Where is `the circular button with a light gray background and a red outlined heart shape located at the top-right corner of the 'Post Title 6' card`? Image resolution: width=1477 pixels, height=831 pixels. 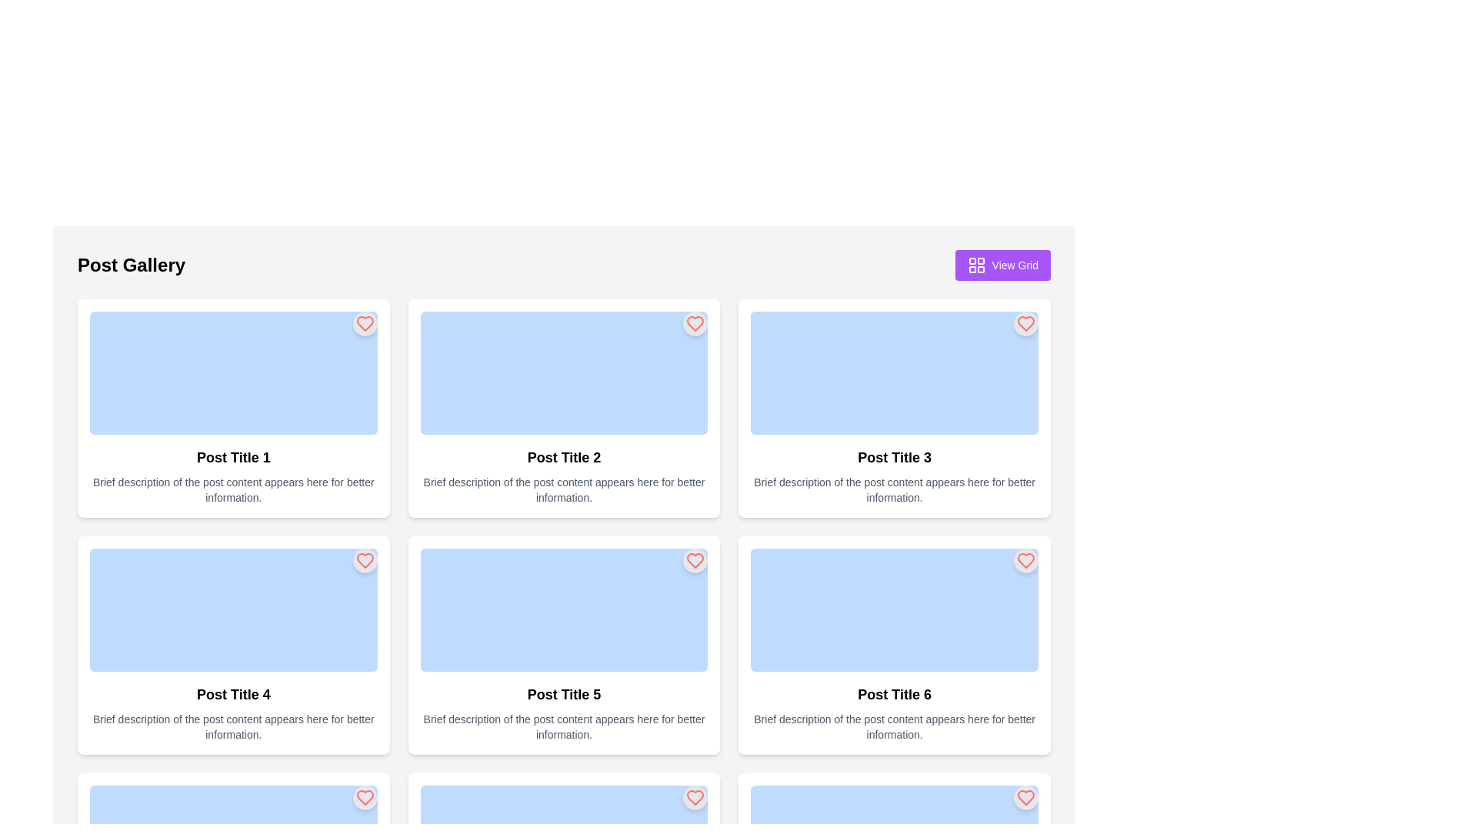
the circular button with a light gray background and a red outlined heart shape located at the top-right corner of the 'Post Title 6' card is located at coordinates (1026, 561).